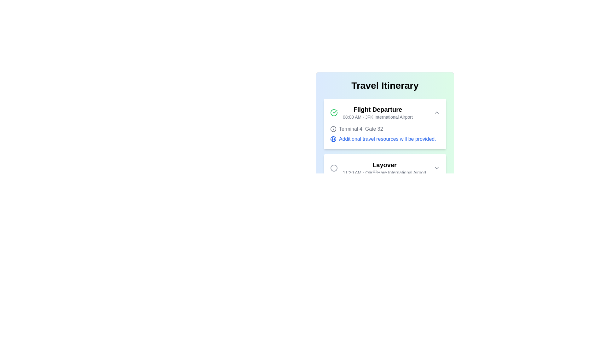  I want to click on the text label displaying '08:00 AM - JFK International Airport', located below the 'Flight Departure' label in the flight details section, so click(377, 117).